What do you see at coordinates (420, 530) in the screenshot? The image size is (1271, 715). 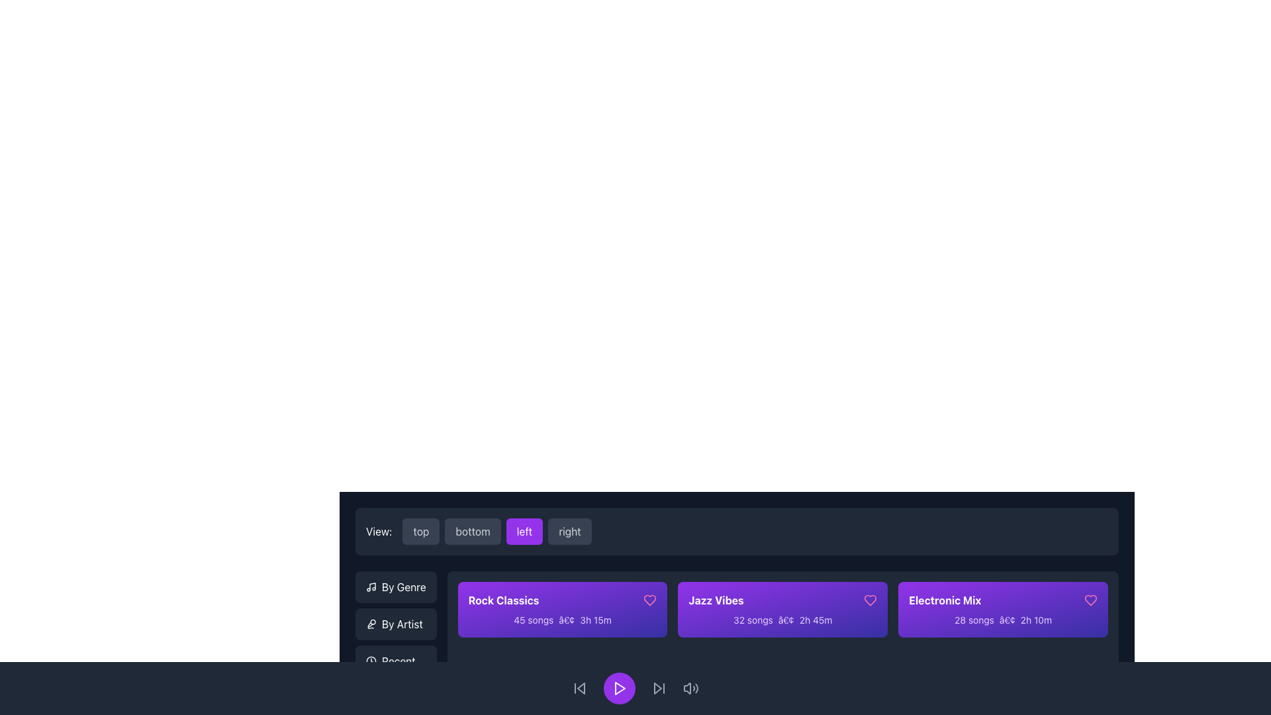 I see `the 'top' button` at bounding box center [420, 530].